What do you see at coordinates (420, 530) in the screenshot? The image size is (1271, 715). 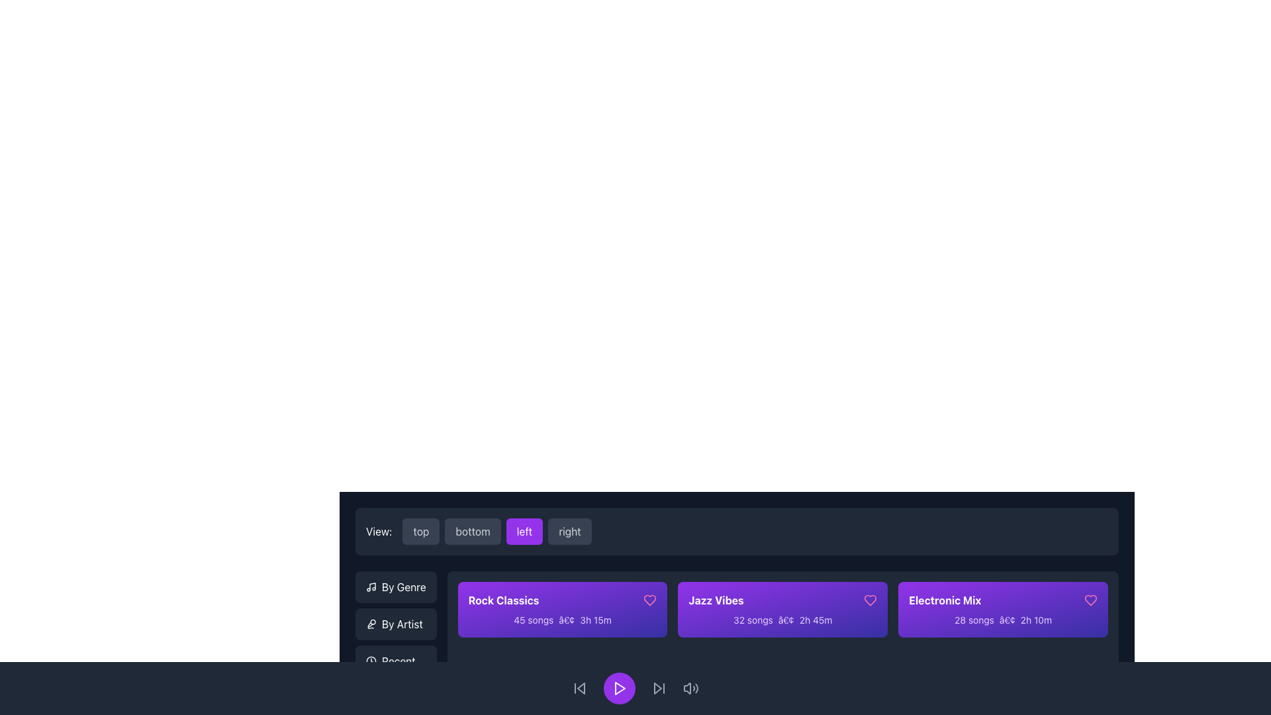 I see `the 'top' button` at bounding box center [420, 530].